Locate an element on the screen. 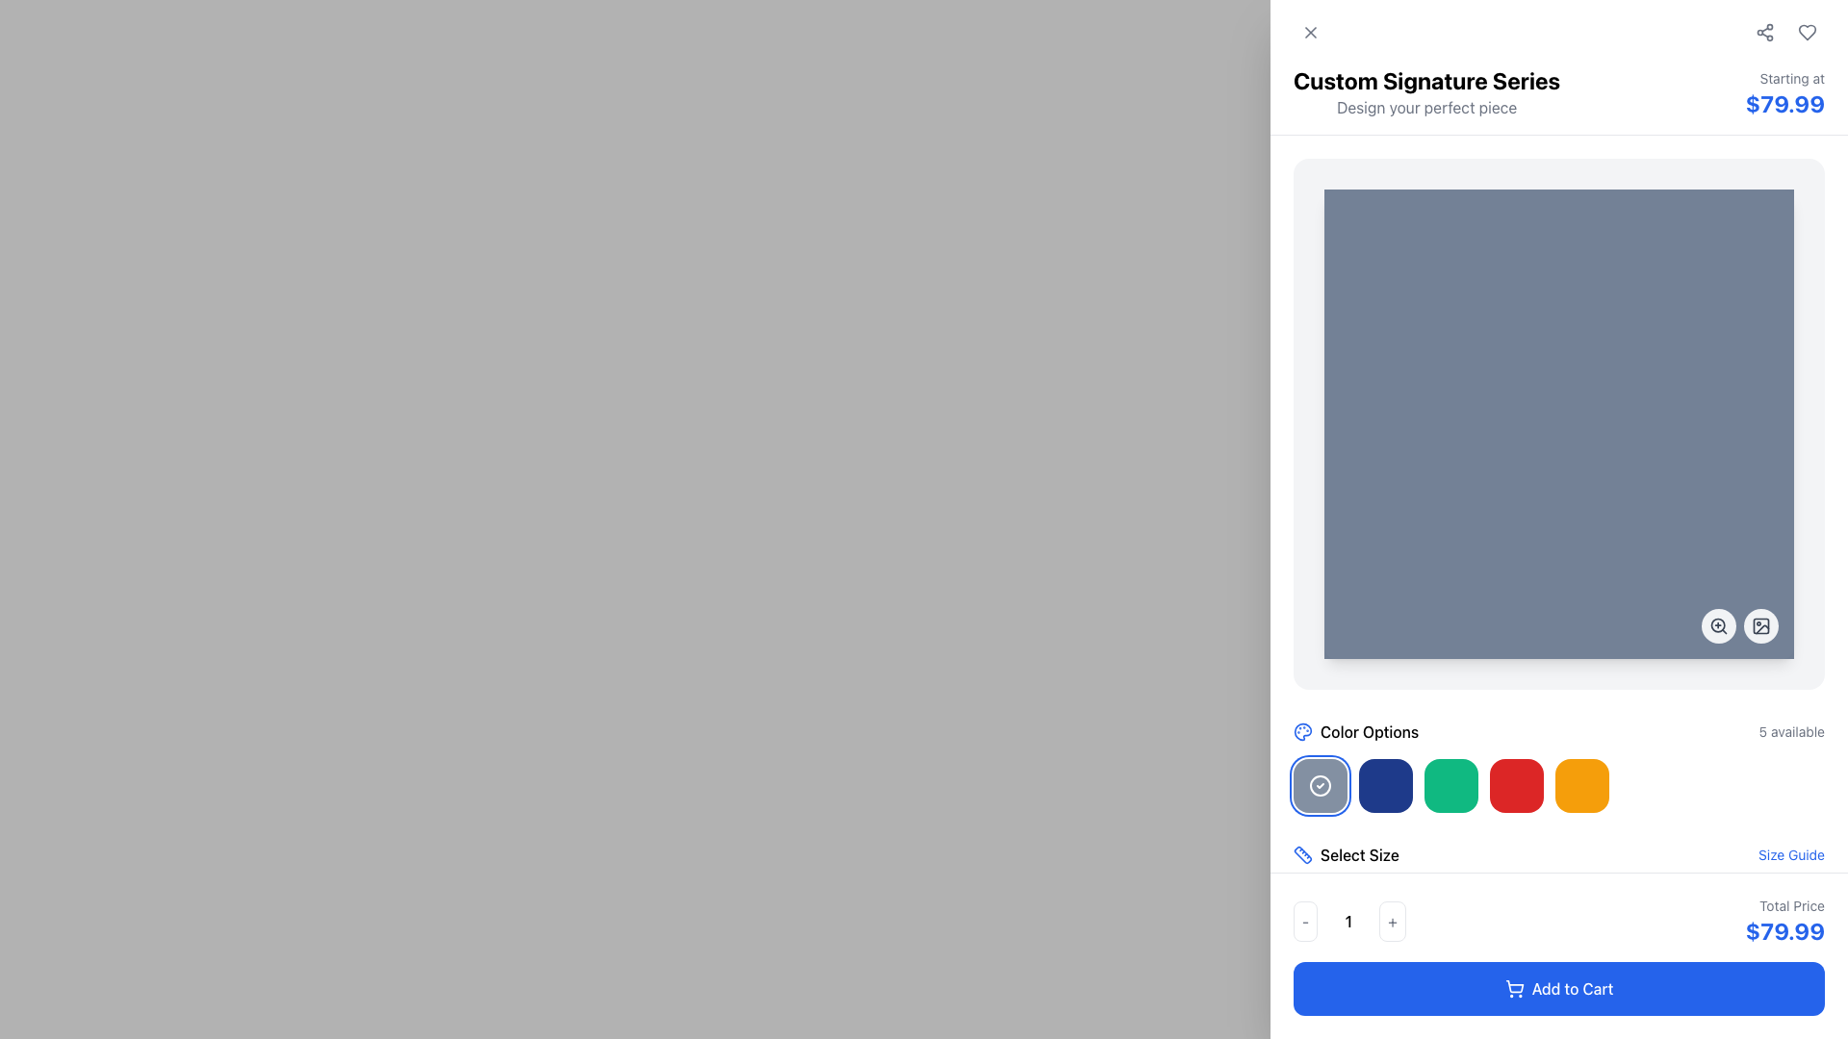 The image size is (1848, 1039). the decorative graphic icon located above the 'Add to Cart' button, which is embedded in a blue background is located at coordinates (1302, 971).